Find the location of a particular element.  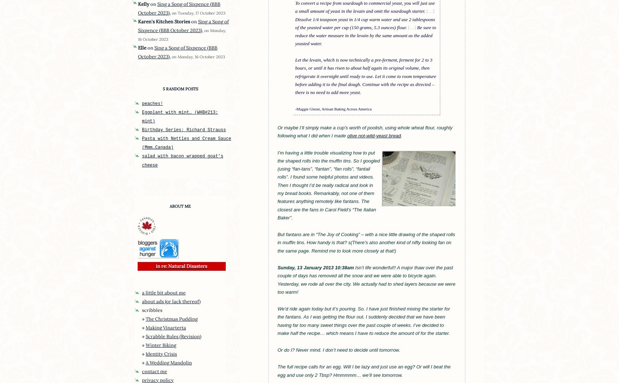

'5 Random Posts' is located at coordinates (180, 89).